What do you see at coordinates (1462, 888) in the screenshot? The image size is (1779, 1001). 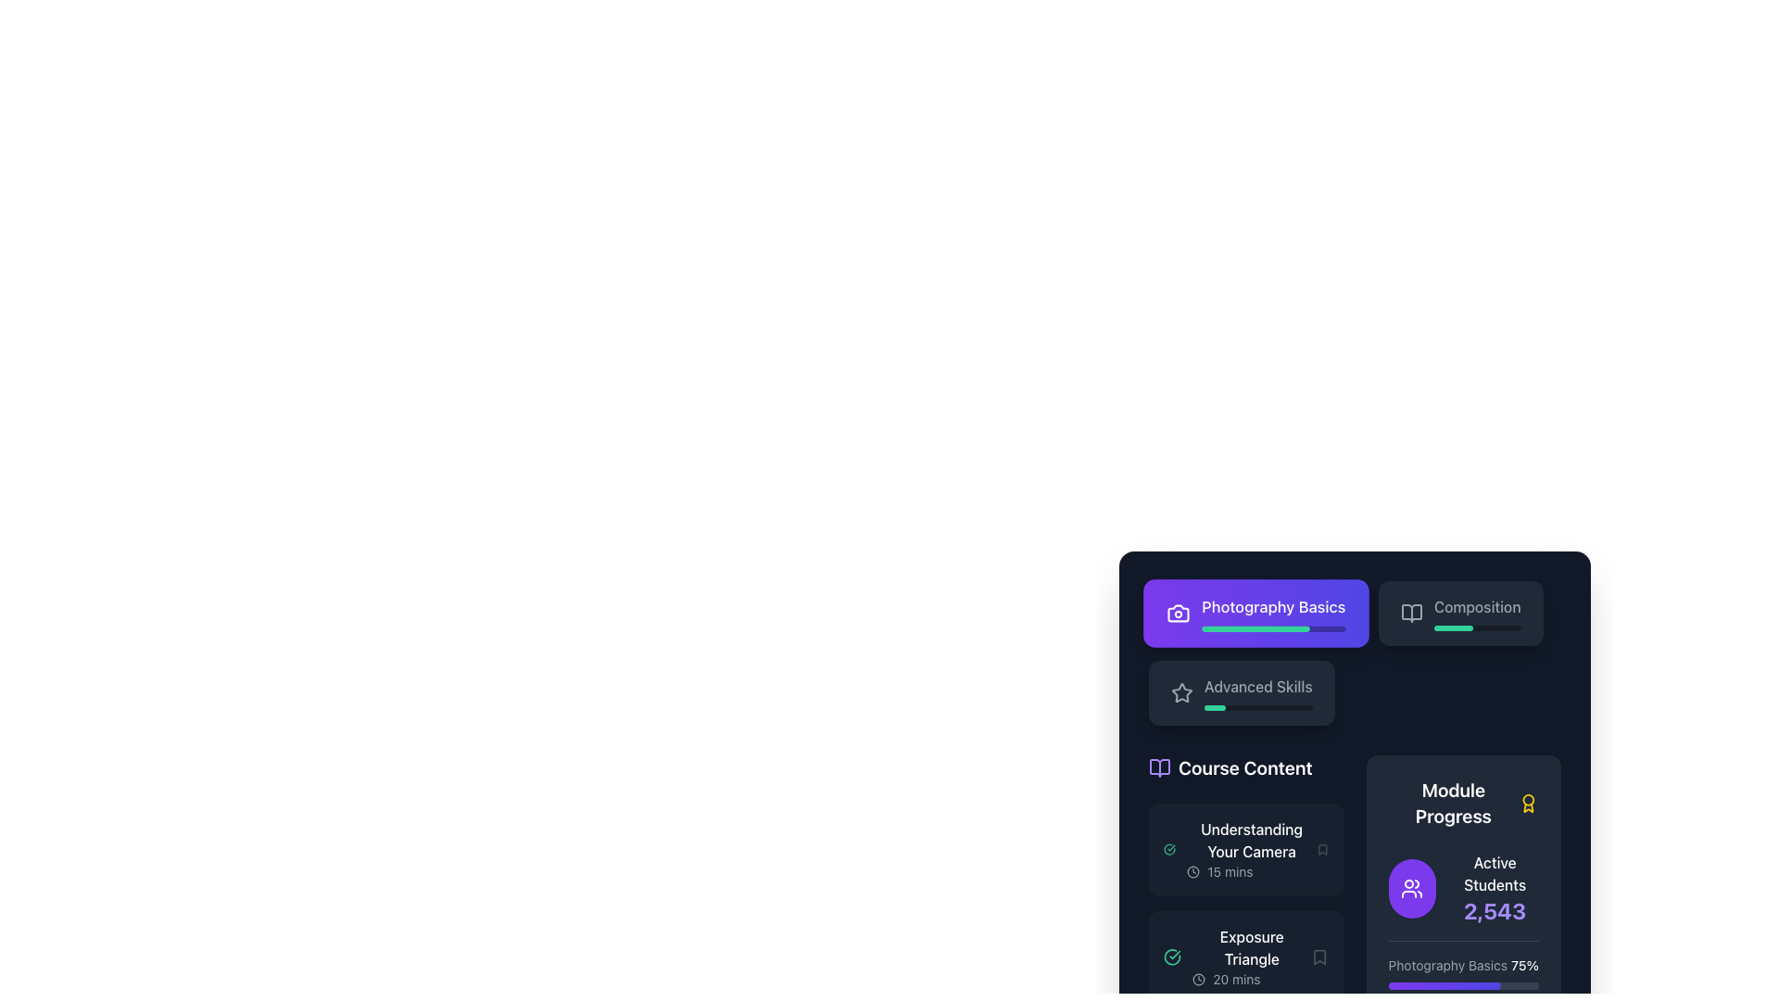 I see `the informational display that shows the number of active students for a course or module, located in the 'Module Progress' section at the top of the vertical list` at bounding box center [1462, 888].